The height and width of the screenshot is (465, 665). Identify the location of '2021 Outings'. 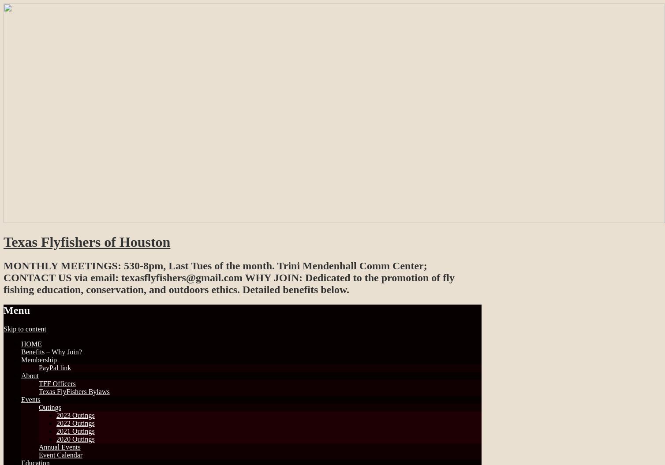
(75, 431).